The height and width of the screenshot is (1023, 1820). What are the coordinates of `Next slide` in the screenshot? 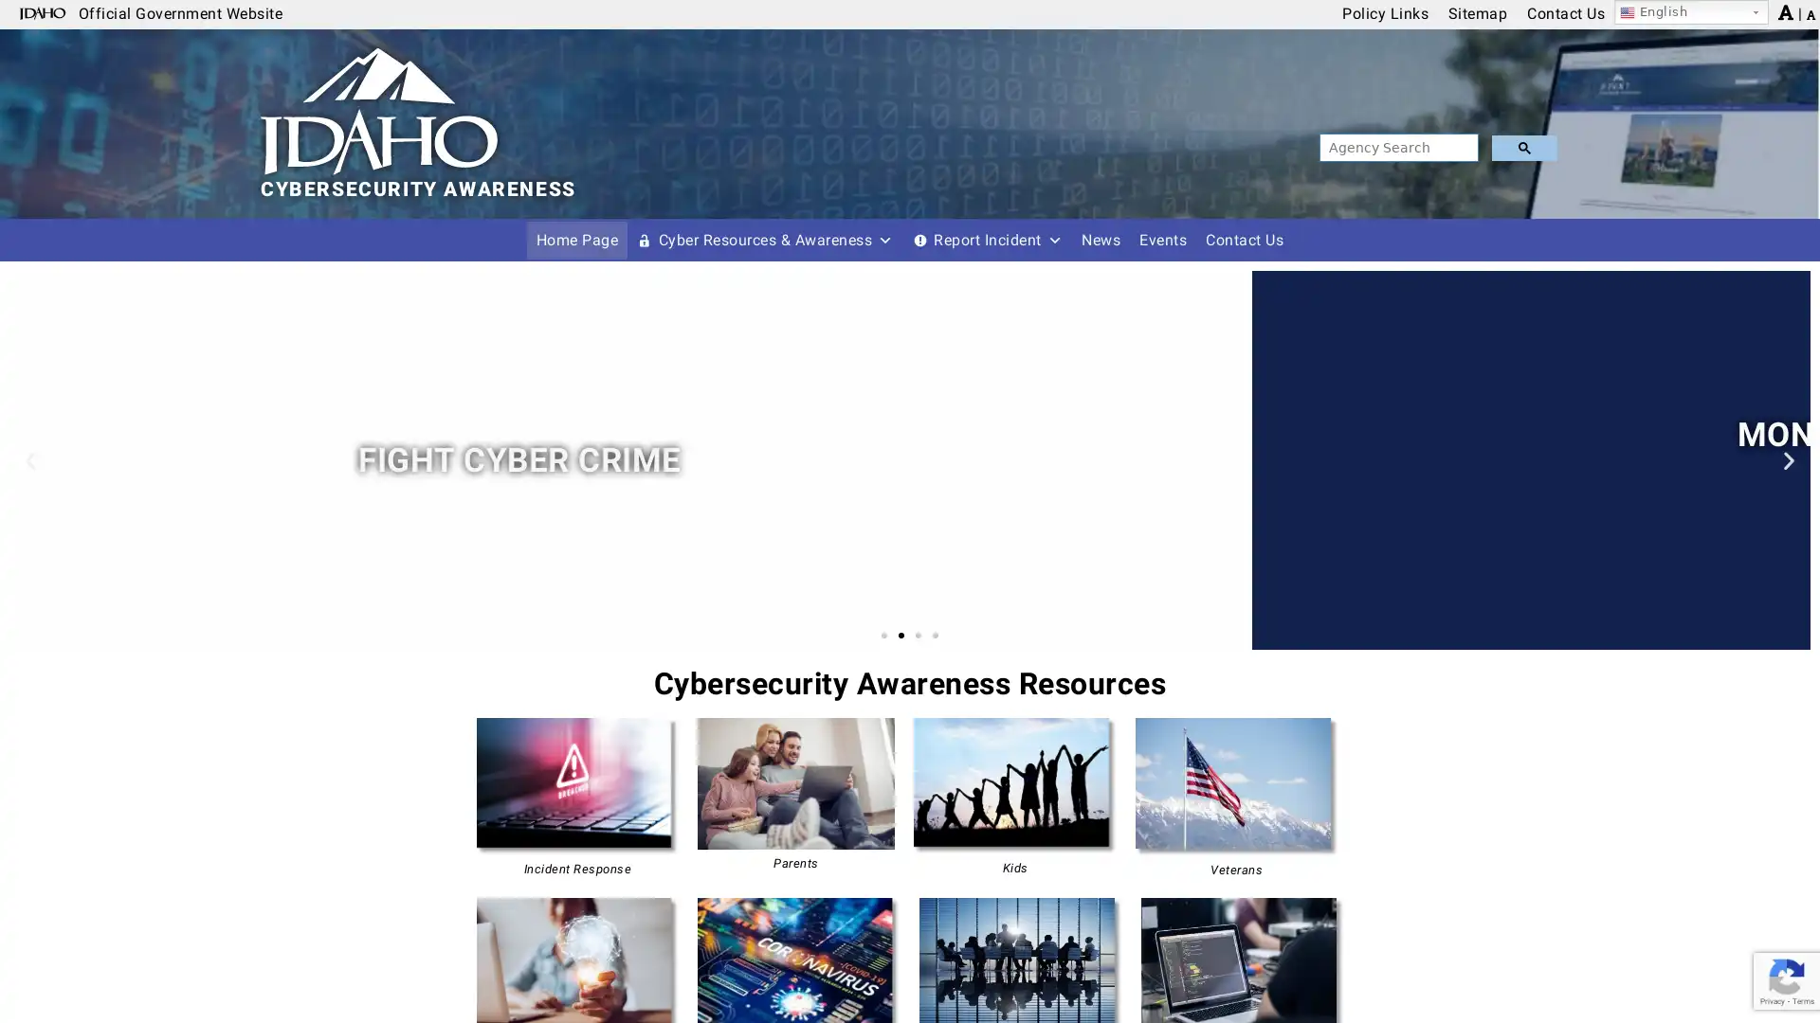 It's located at (1787, 459).